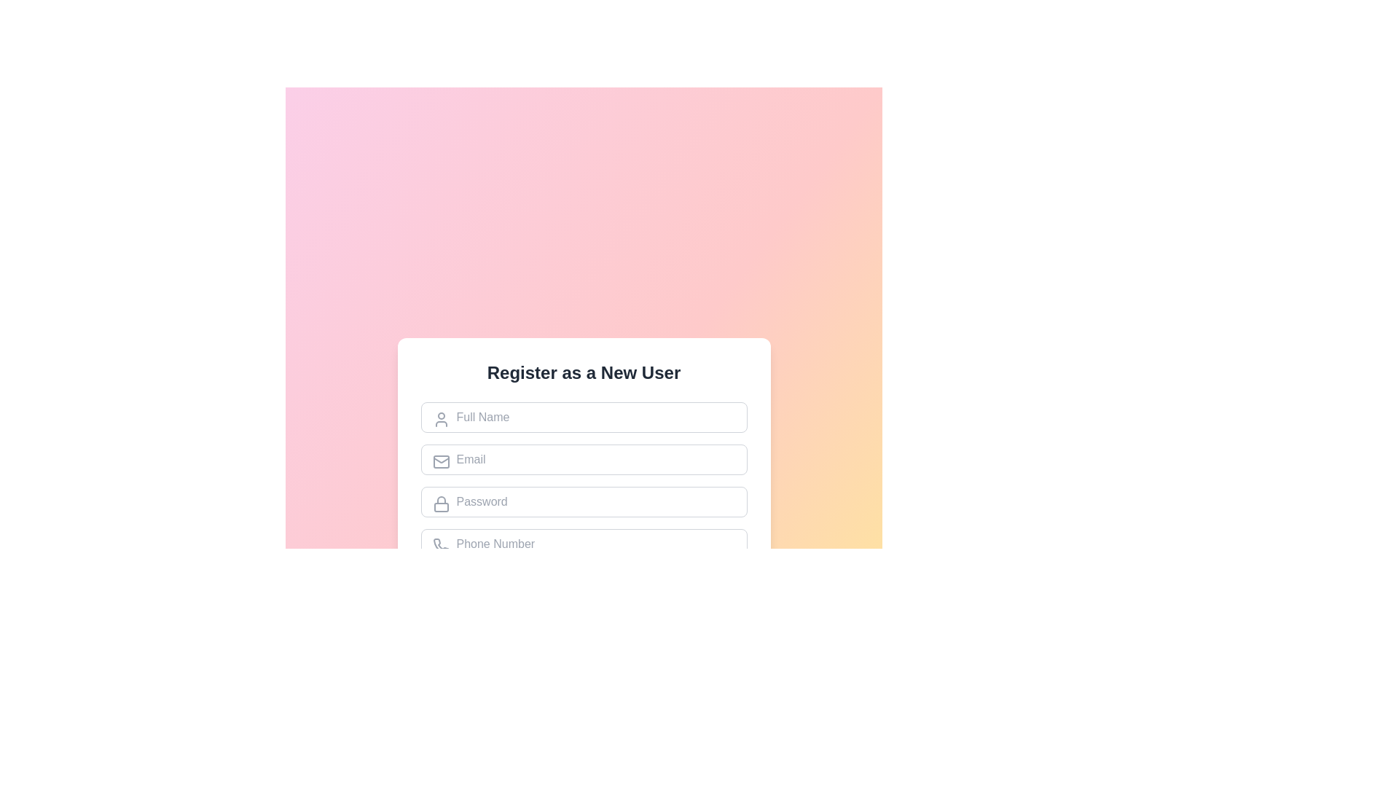 Image resolution: width=1399 pixels, height=787 pixels. What do you see at coordinates (440, 546) in the screenshot?
I see `the phone icon, which is a decorative and informative element resembling a handset, located to the left of the 'Phone Number' text input field in the registration form` at bounding box center [440, 546].